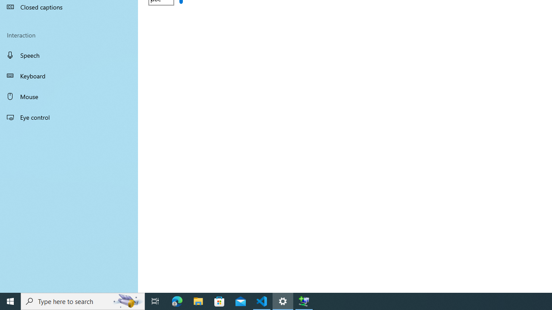 The width and height of the screenshot is (552, 310). What do you see at coordinates (69, 96) in the screenshot?
I see `'Mouse'` at bounding box center [69, 96].